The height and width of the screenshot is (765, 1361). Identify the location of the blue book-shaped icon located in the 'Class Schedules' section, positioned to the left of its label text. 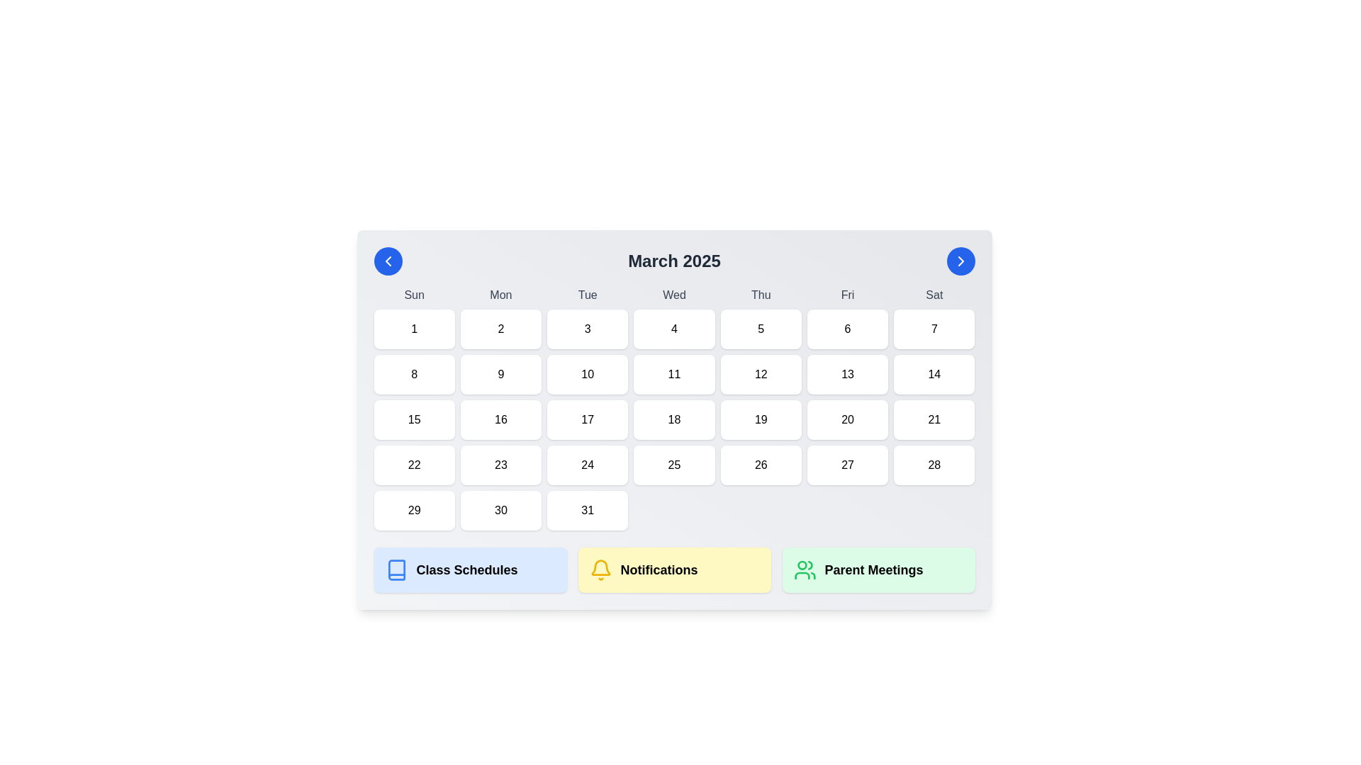
(396, 569).